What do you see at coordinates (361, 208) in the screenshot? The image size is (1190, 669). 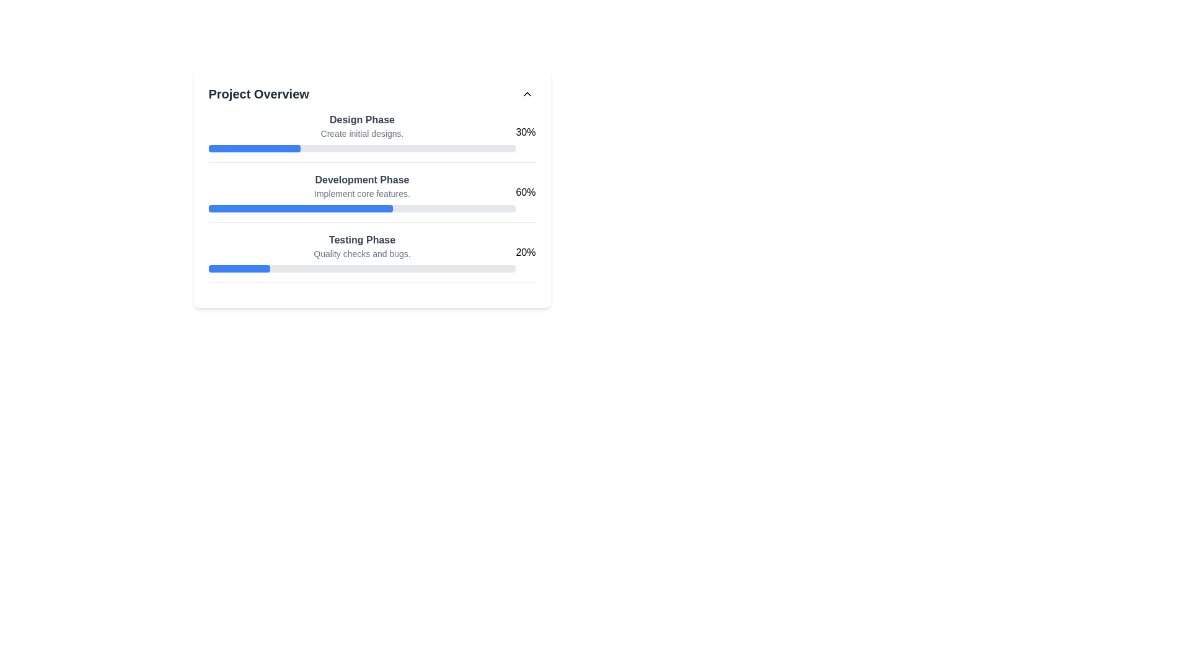 I see `the progress value visually by focusing on the progress bar located below the text 'Development Phase' and 'Implement core features.', which represents 60% completion` at bounding box center [361, 208].